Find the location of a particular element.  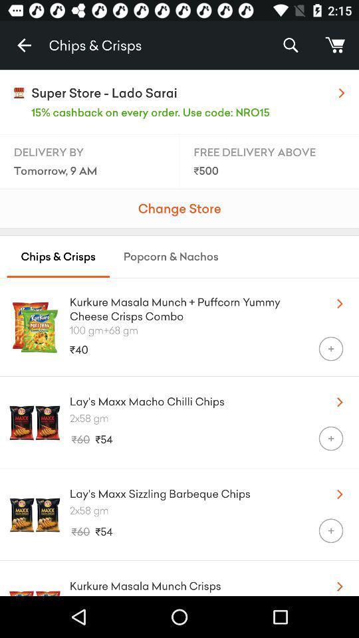

the icon to the right of chips & crisps is located at coordinates (290, 45).